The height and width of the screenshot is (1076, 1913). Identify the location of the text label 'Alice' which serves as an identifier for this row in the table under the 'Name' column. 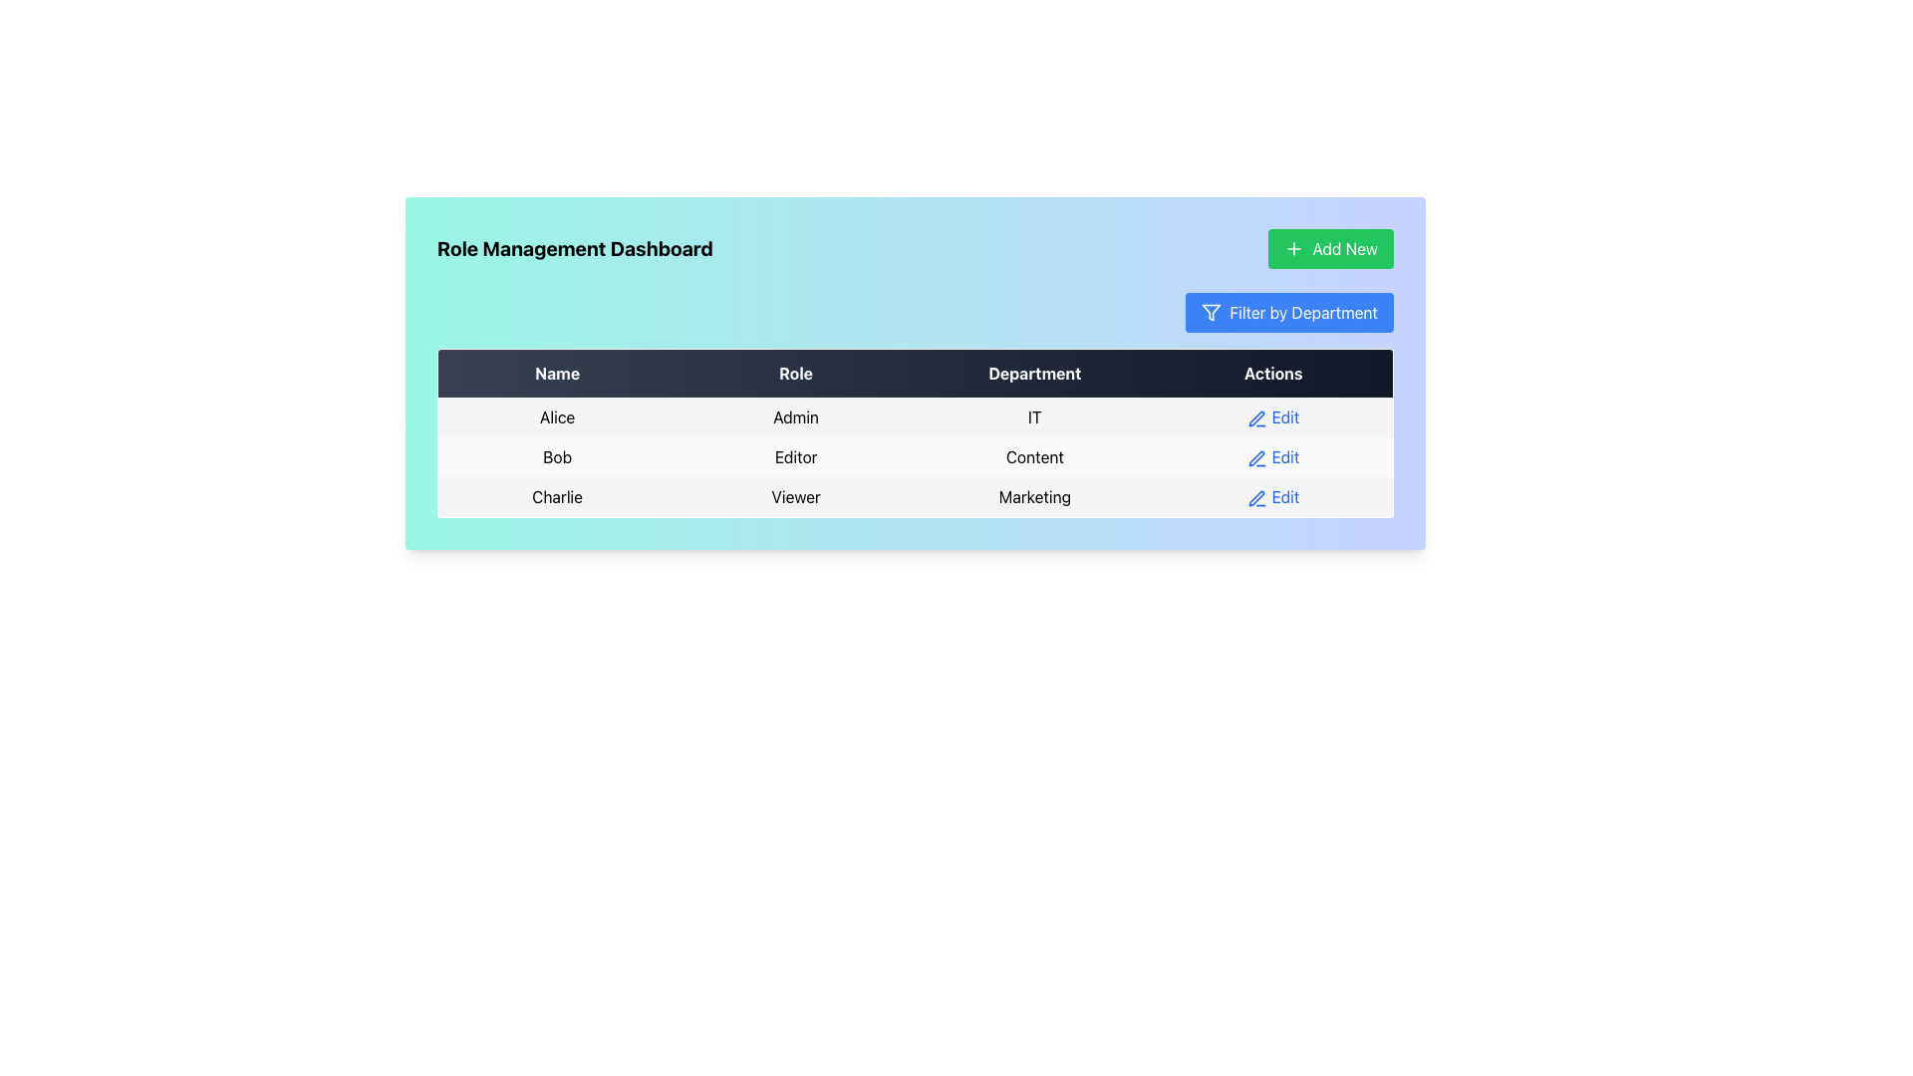
(557, 416).